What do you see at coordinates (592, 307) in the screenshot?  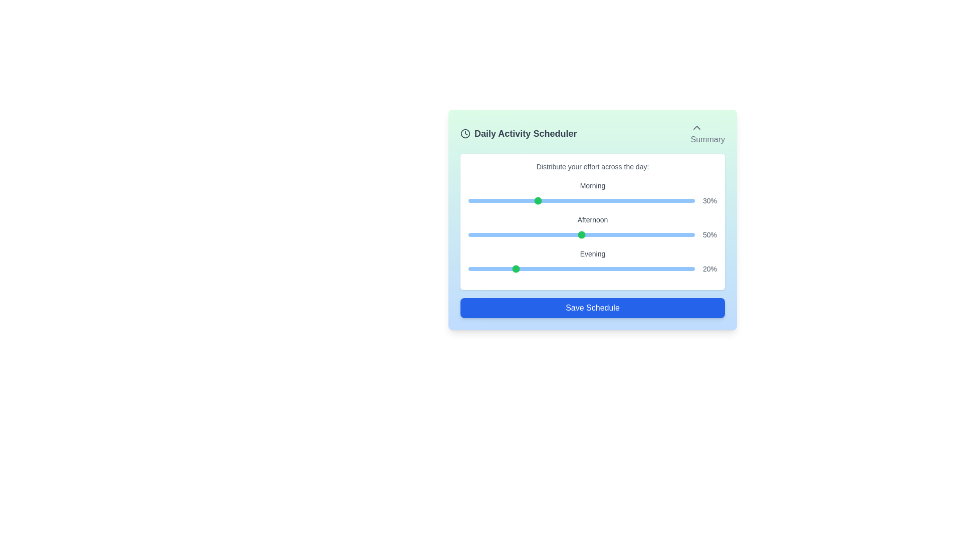 I see `the 'Save Schedule' button` at bounding box center [592, 307].